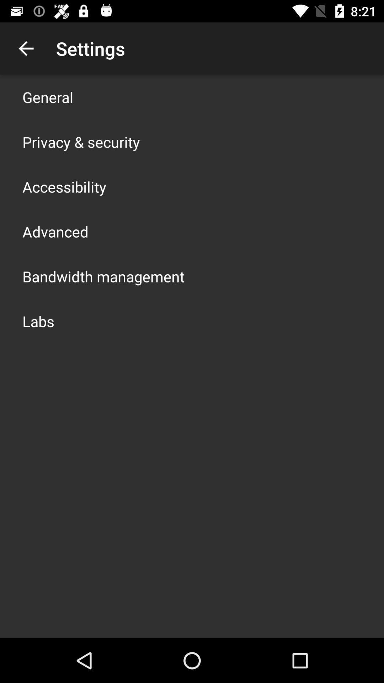 This screenshot has height=683, width=384. I want to click on the general item, so click(48, 97).